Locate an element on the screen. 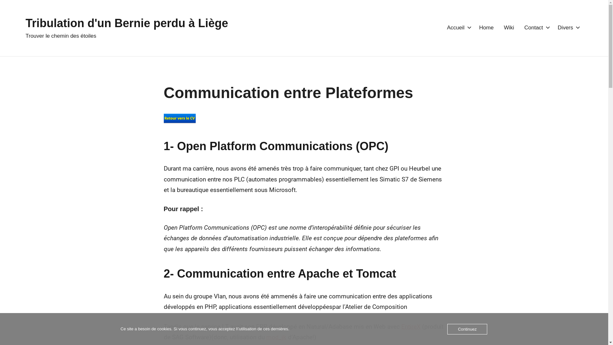  'Wiki' is located at coordinates (503, 27).